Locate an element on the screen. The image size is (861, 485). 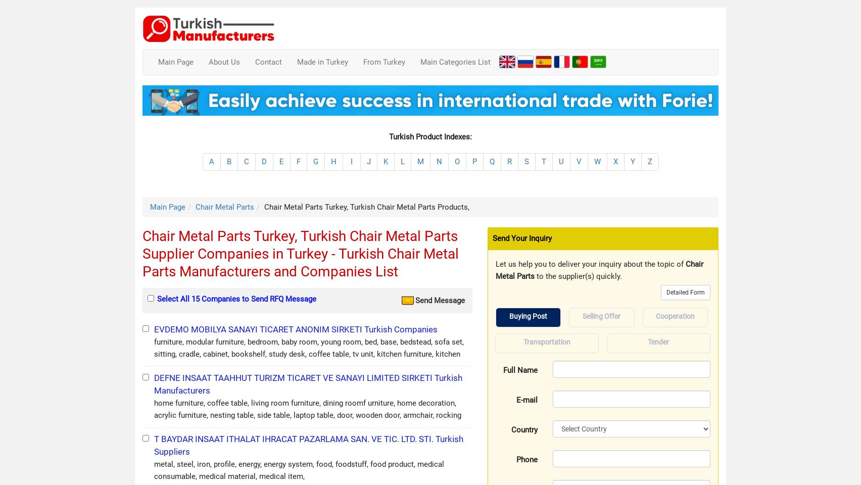
'Main Categories List' is located at coordinates (455, 61).